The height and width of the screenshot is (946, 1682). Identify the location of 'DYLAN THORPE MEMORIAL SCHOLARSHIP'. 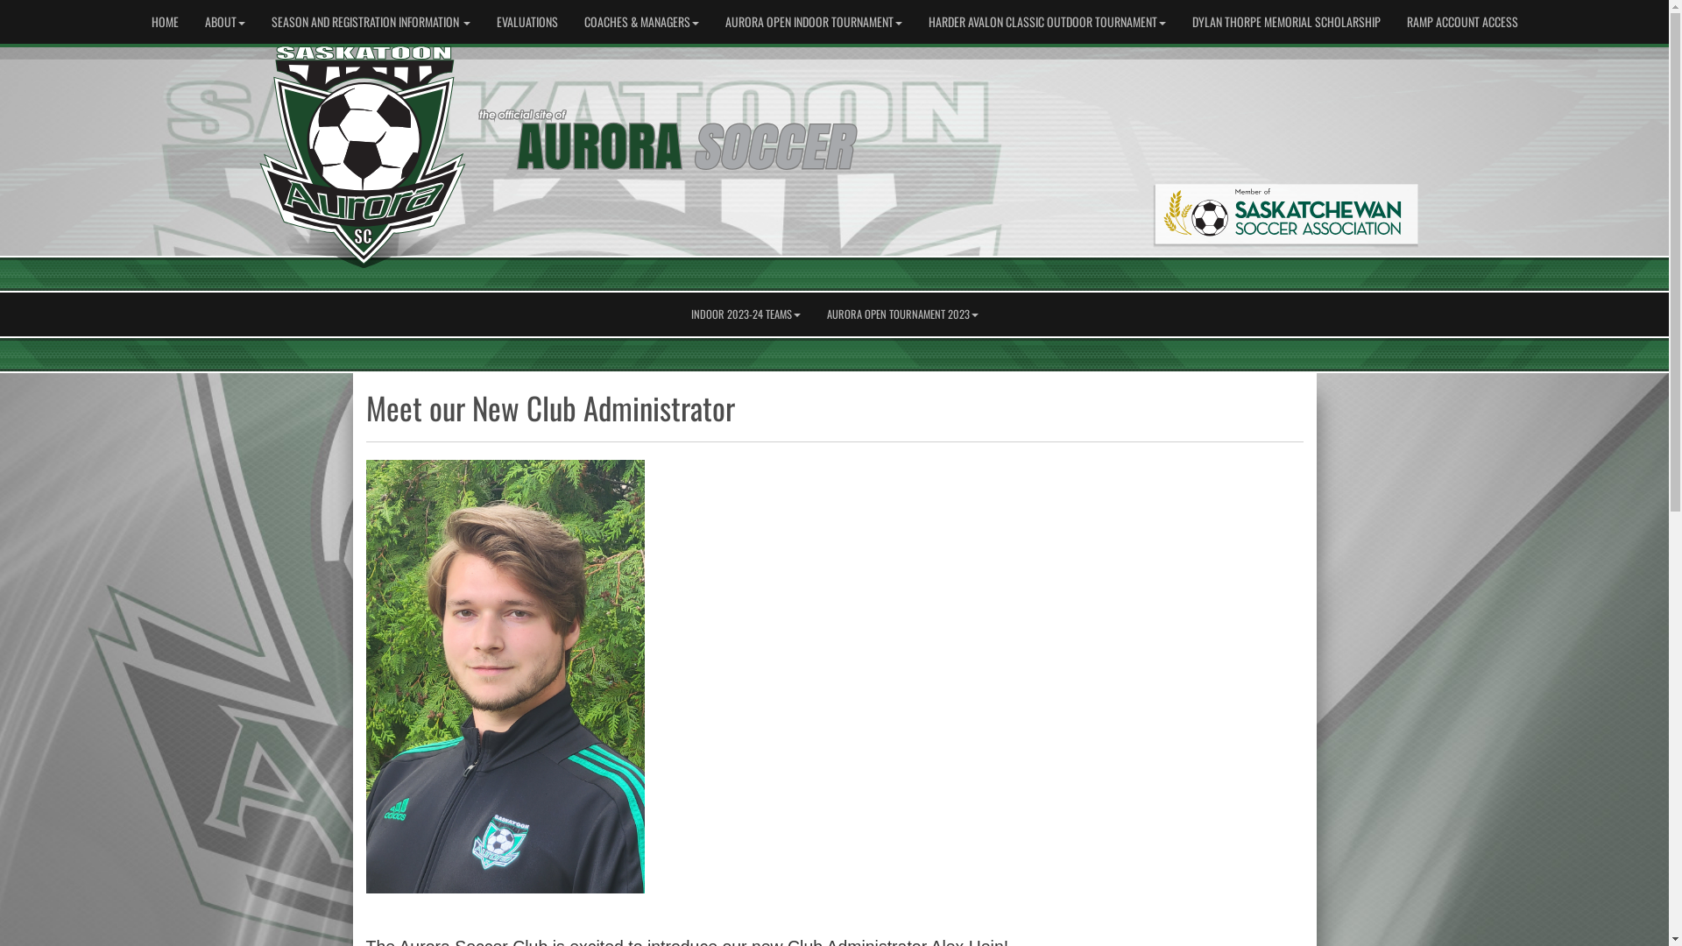
(1178, 21).